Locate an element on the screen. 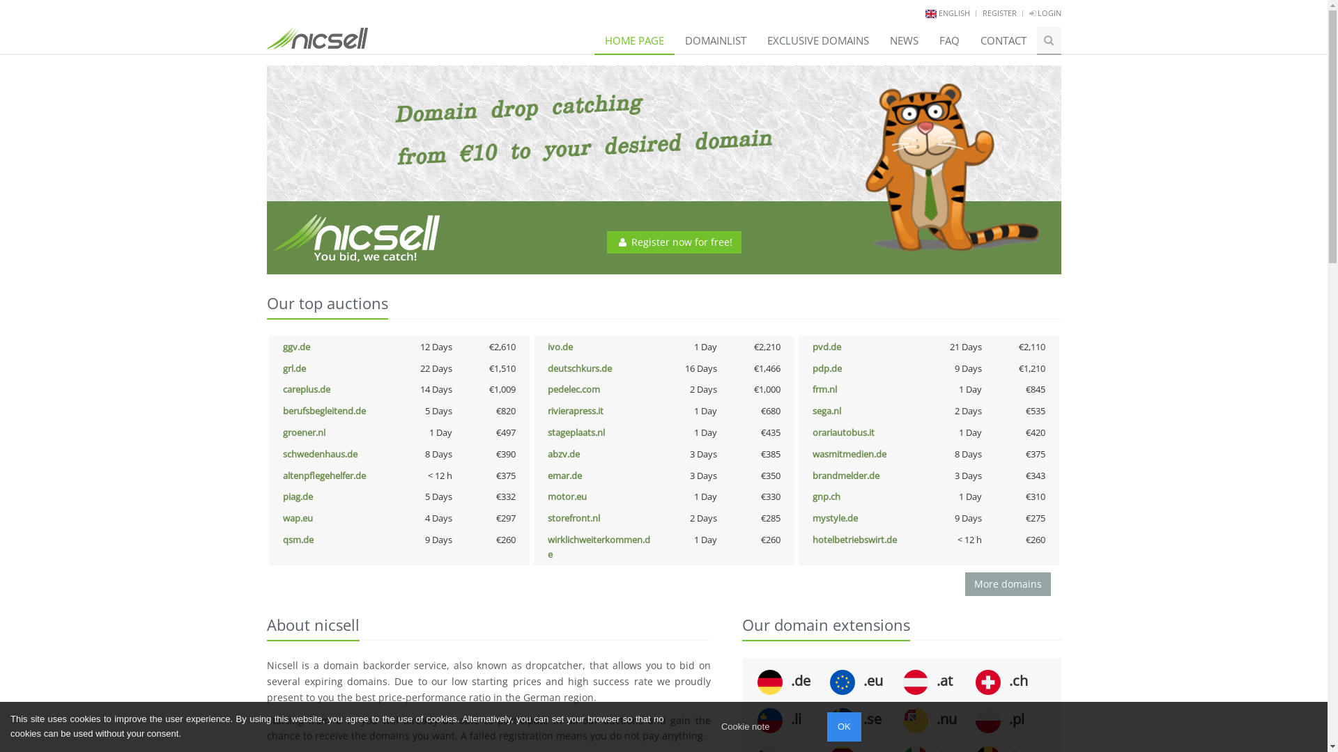  'Cookie note' is located at coordinates (744, 726).